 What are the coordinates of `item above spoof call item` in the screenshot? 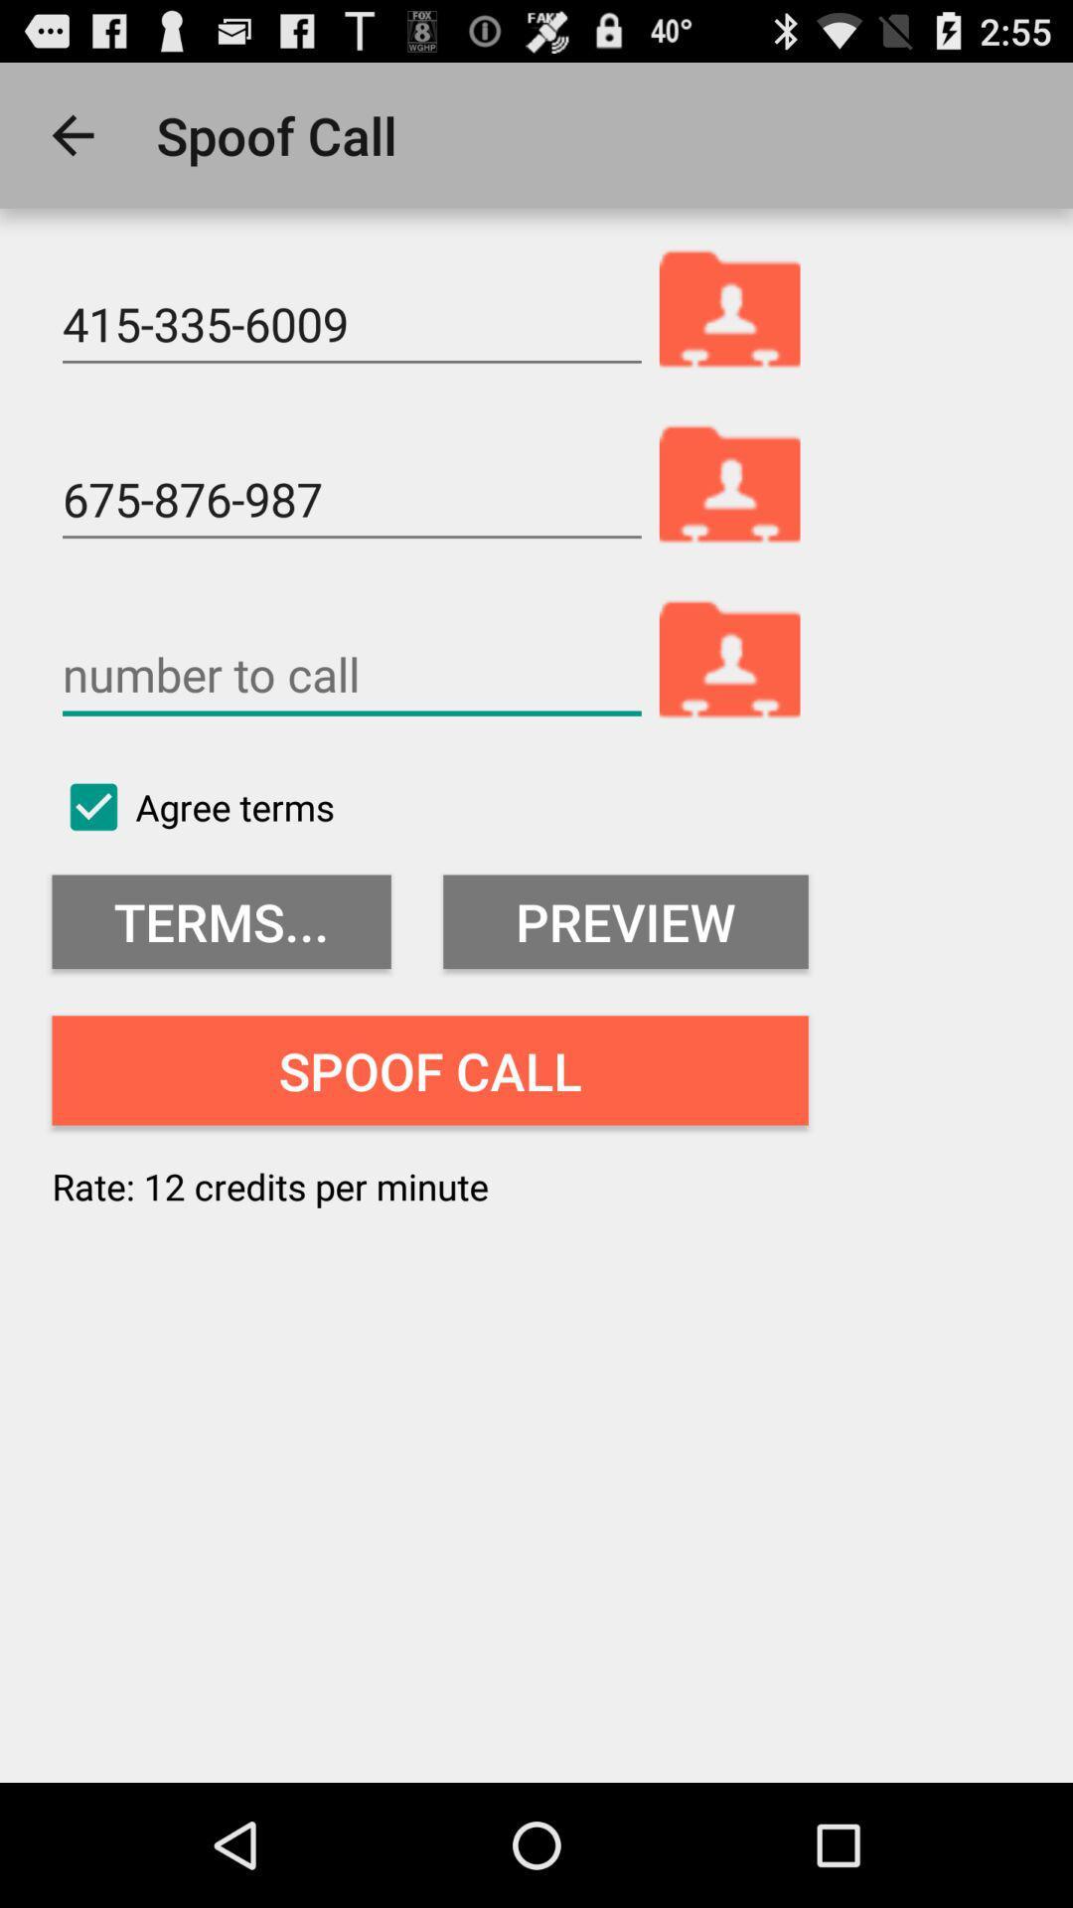 It's located at (222, 920).